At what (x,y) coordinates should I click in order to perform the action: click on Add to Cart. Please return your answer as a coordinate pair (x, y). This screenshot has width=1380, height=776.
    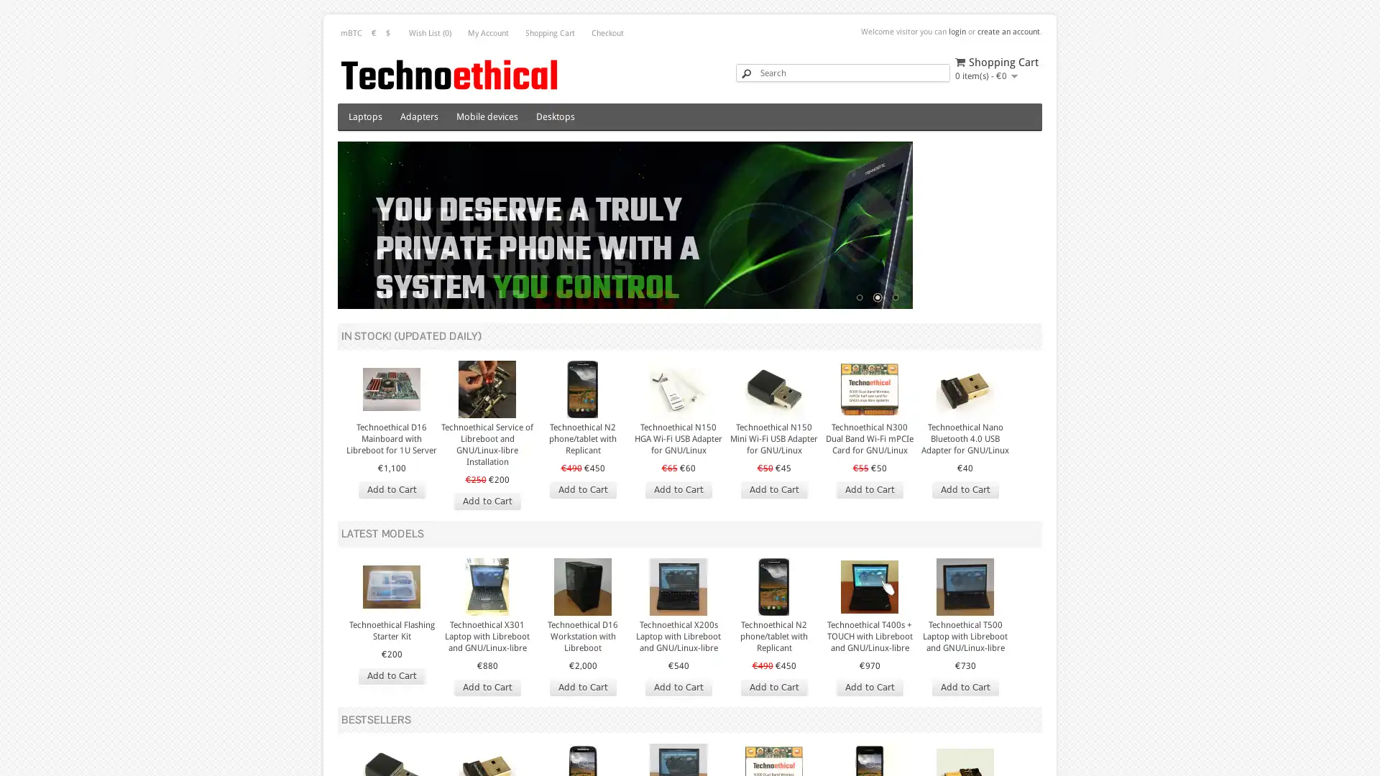
    Looking at the image, I should click on (677, 537).